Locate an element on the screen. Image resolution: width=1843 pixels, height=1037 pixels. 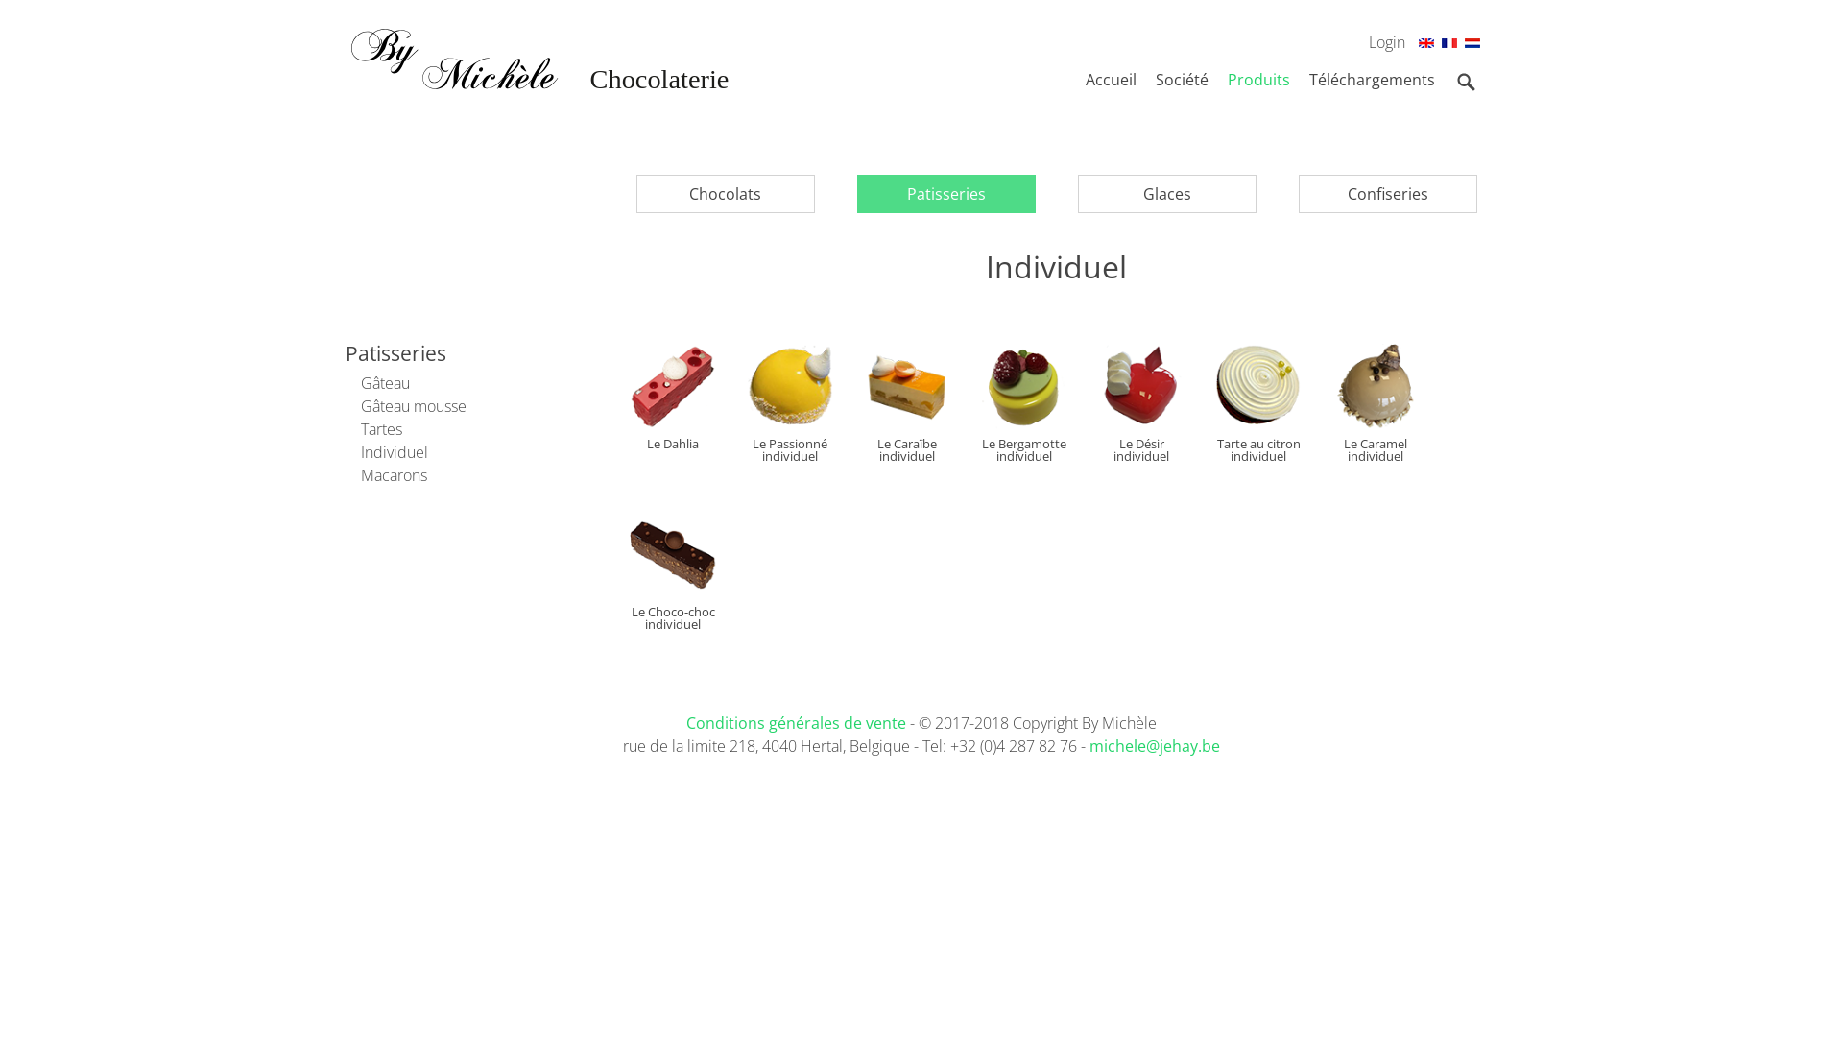
'Accueil' is located at coordinates (1086, 79).